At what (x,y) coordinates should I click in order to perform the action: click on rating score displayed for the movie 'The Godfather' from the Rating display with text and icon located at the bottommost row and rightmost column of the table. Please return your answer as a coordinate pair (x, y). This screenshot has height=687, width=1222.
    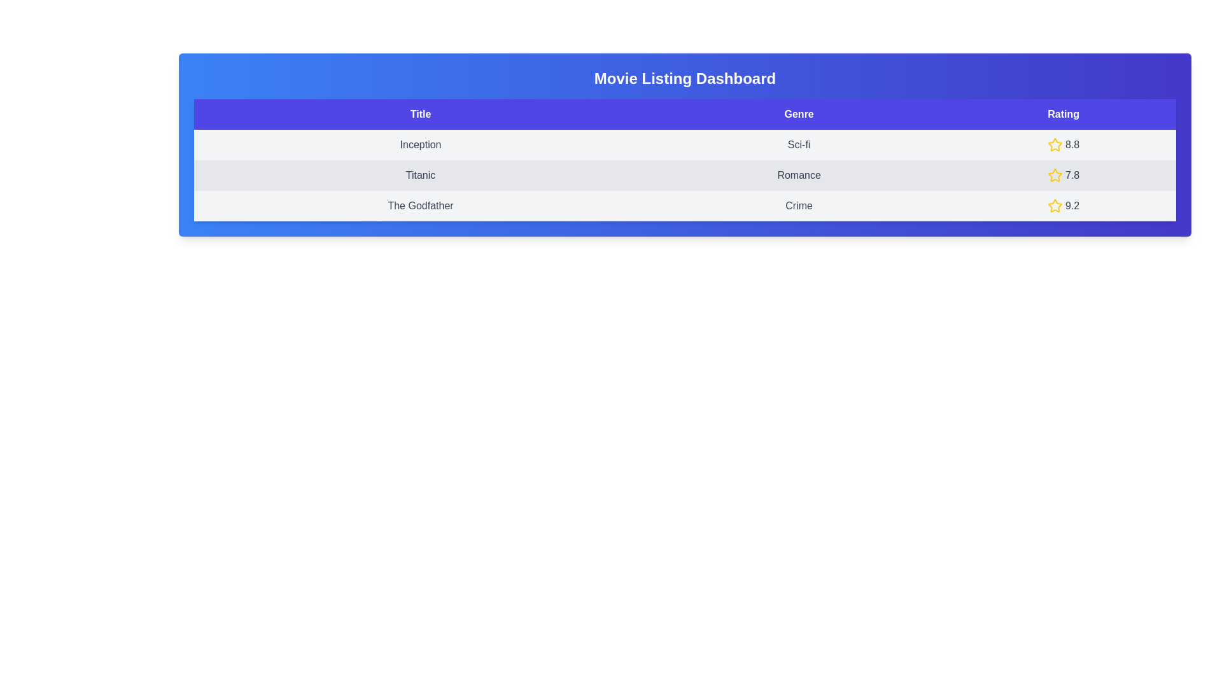
    Looking at the image, I should click on (1064, 205).